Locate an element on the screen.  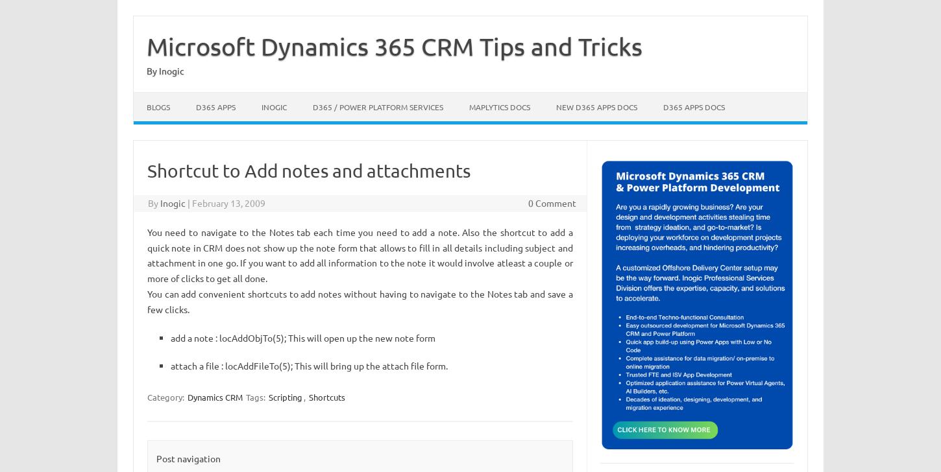
'Dynamics CRM' is located at coordinates (214, 397).